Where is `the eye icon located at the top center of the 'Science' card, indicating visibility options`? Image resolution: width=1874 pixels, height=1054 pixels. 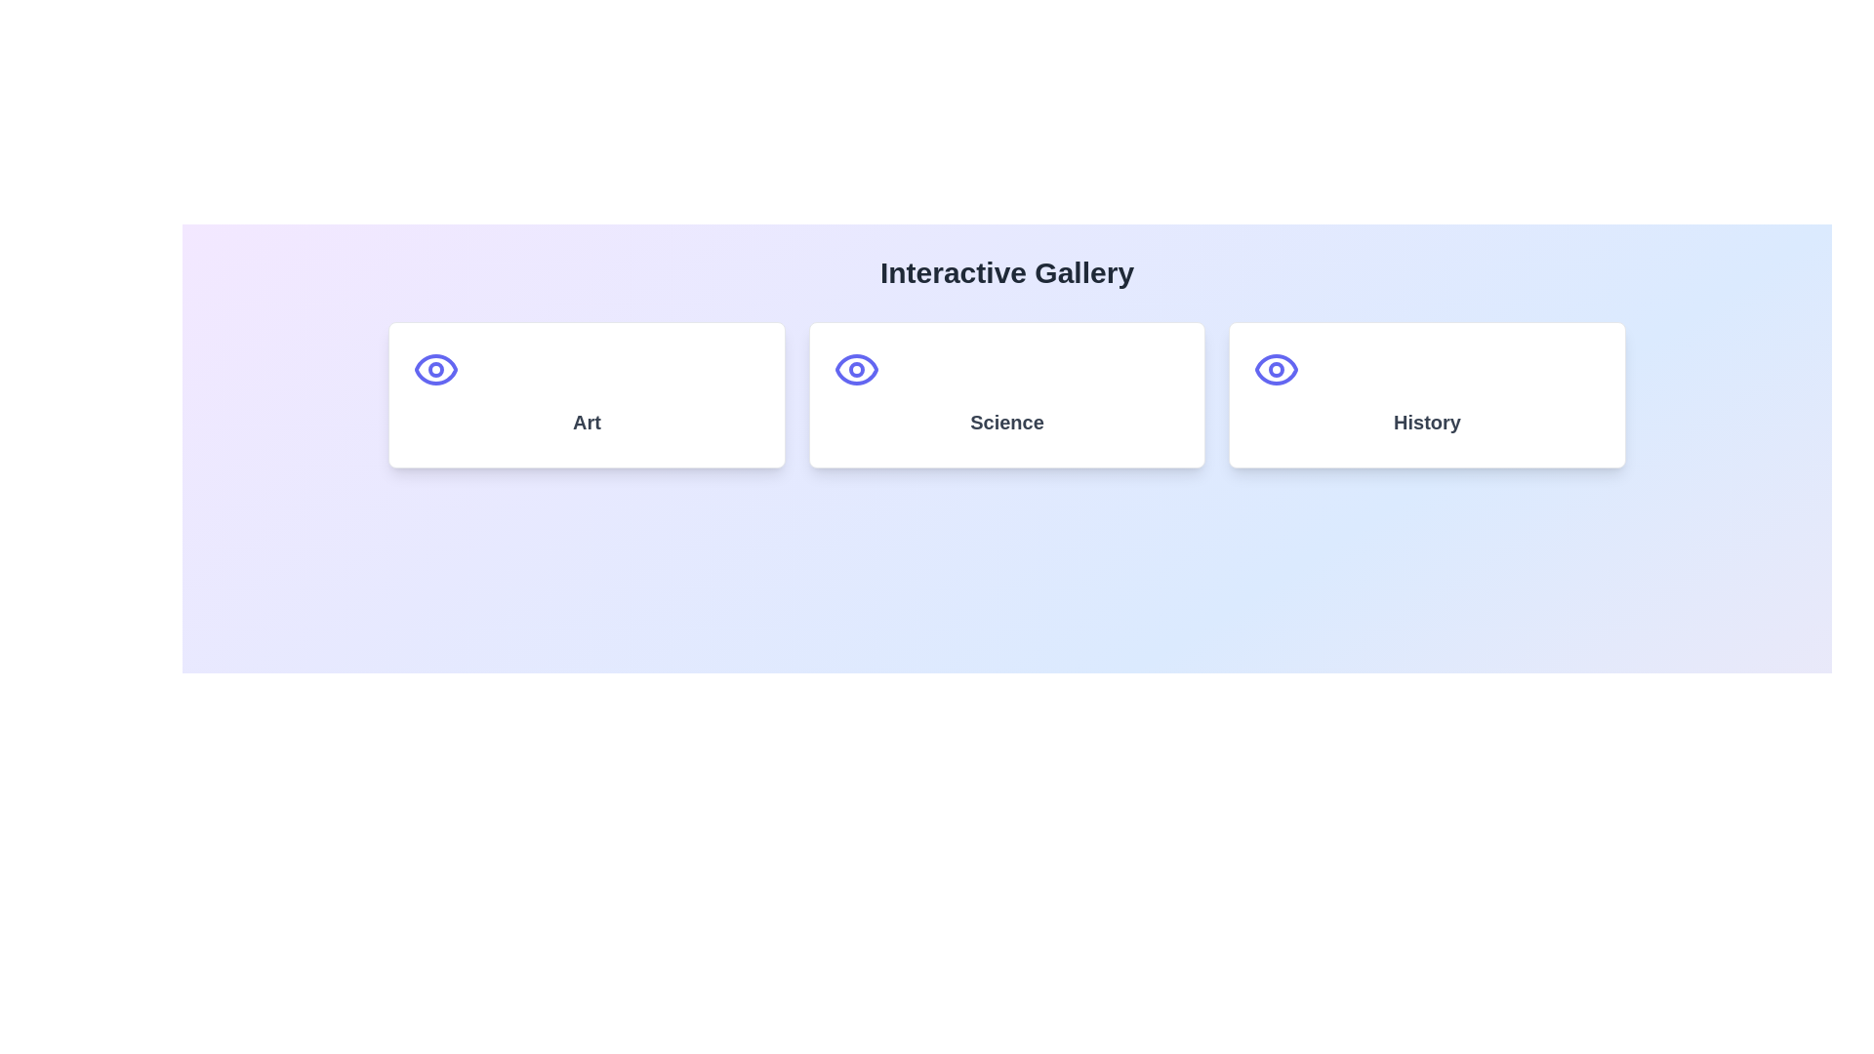
the eye icon located at the top center of the 'Science' card, indicating visibility options is located at coordinates (856, 369).